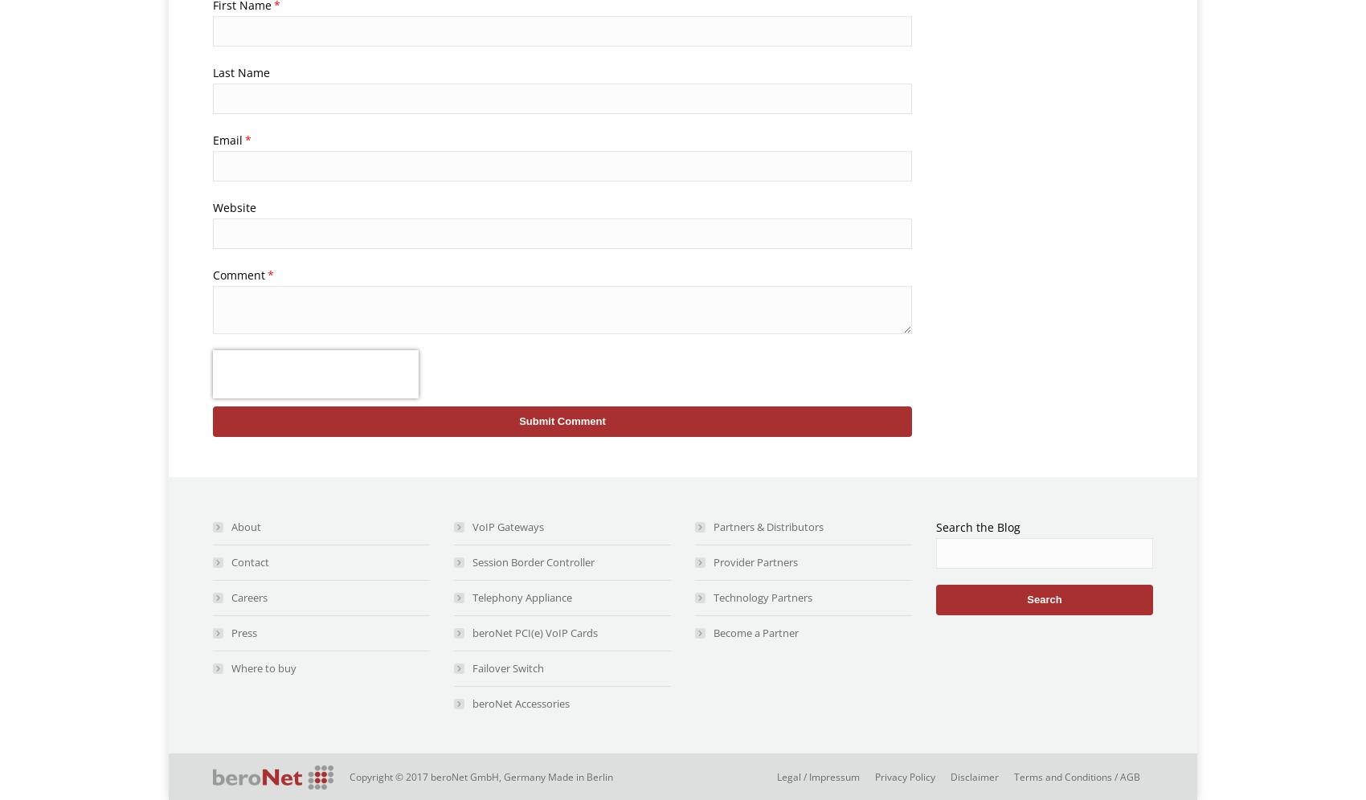 The height and width of the screenshot is (800, 1366). What do you see at coordinates (977, 526) in the screenshot?
I see `'Search the Blog'` at bounding box center [977, 526].